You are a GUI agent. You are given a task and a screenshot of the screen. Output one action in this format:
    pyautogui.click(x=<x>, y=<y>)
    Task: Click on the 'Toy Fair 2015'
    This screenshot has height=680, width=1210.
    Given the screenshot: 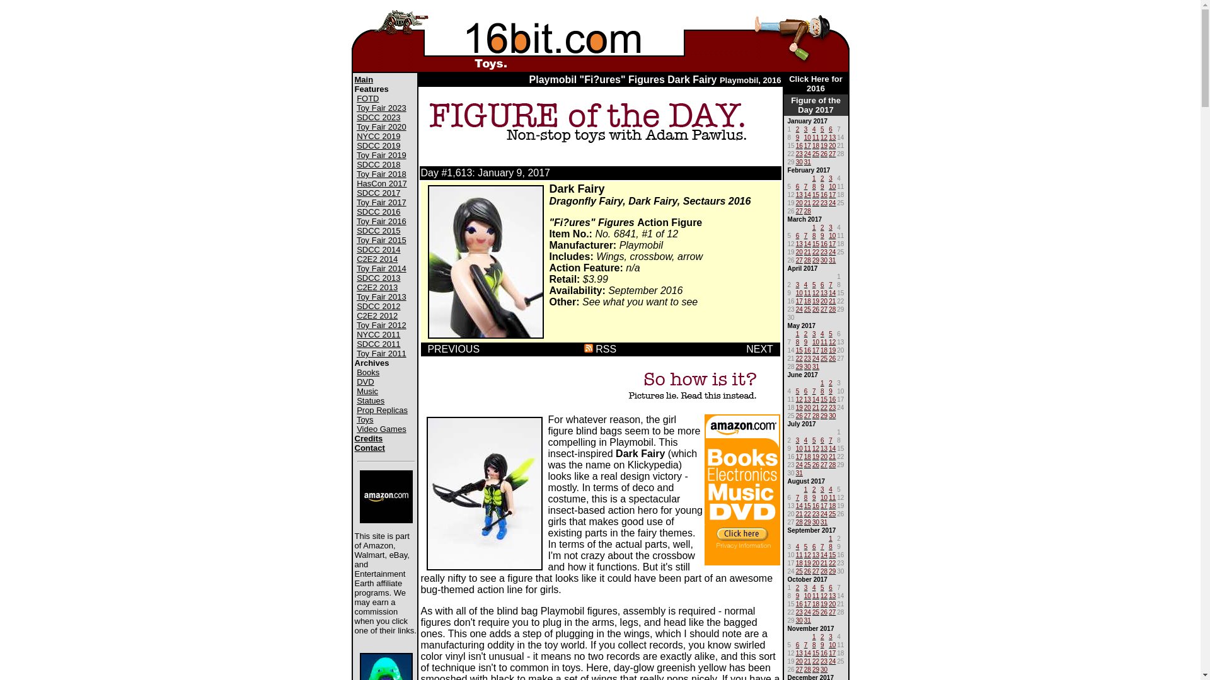 What is the action you would take?
    pyautogui.click(x=381, y=240)
    